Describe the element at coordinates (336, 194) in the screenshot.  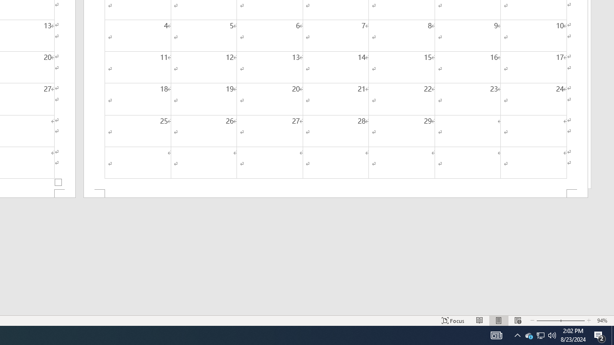
I see `'Footer -Section 2-'` at that location.